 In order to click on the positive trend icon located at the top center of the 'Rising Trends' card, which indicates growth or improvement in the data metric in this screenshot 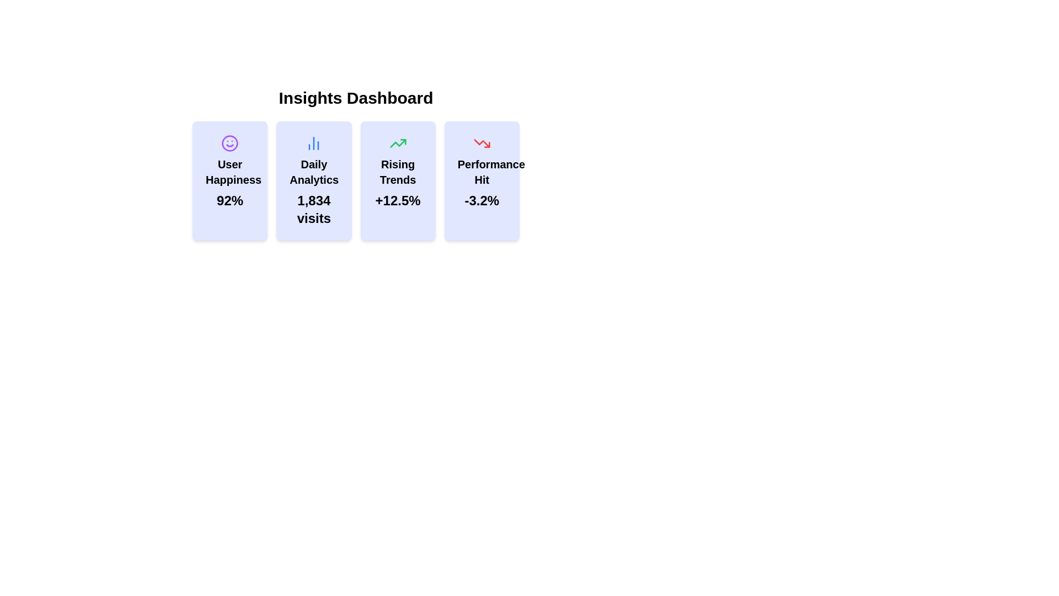, I will do `click(397, 142)`.